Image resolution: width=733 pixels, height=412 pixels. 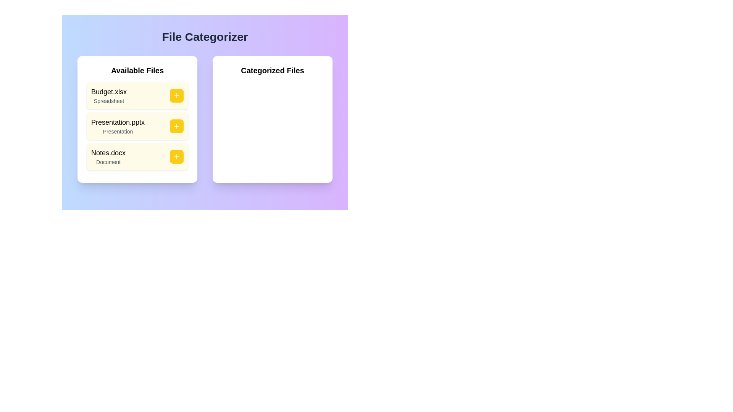 What do you see at coordinates (118, 131) in the screenshot?
I see `the text label indicating the category of the associated file below 'Presentation.pptx' in the second card of the 'Available Files' list` at bounding box center [118, 131].